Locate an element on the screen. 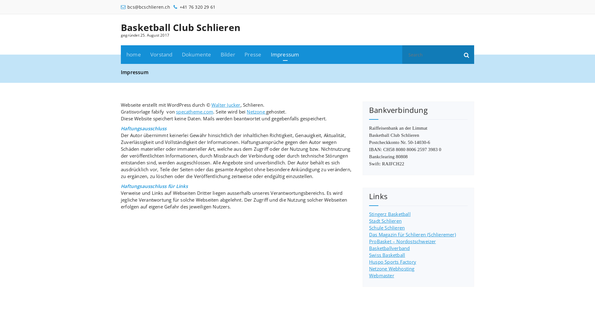  'Swiss Basketball' is located at coordinates (386, 255).